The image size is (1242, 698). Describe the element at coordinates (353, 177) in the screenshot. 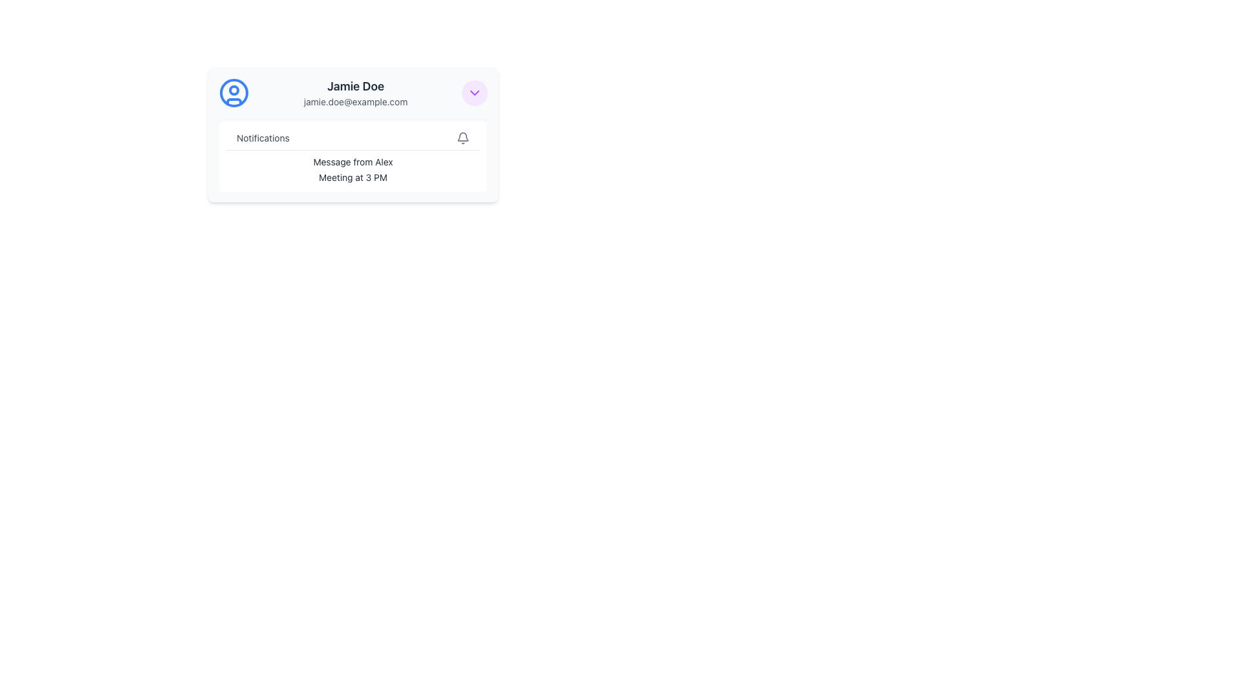

I see `text label that says 'Meeting at 3 PM', which is the second line of text within the notification card, located beneath 'Message from Alex'` at that location.